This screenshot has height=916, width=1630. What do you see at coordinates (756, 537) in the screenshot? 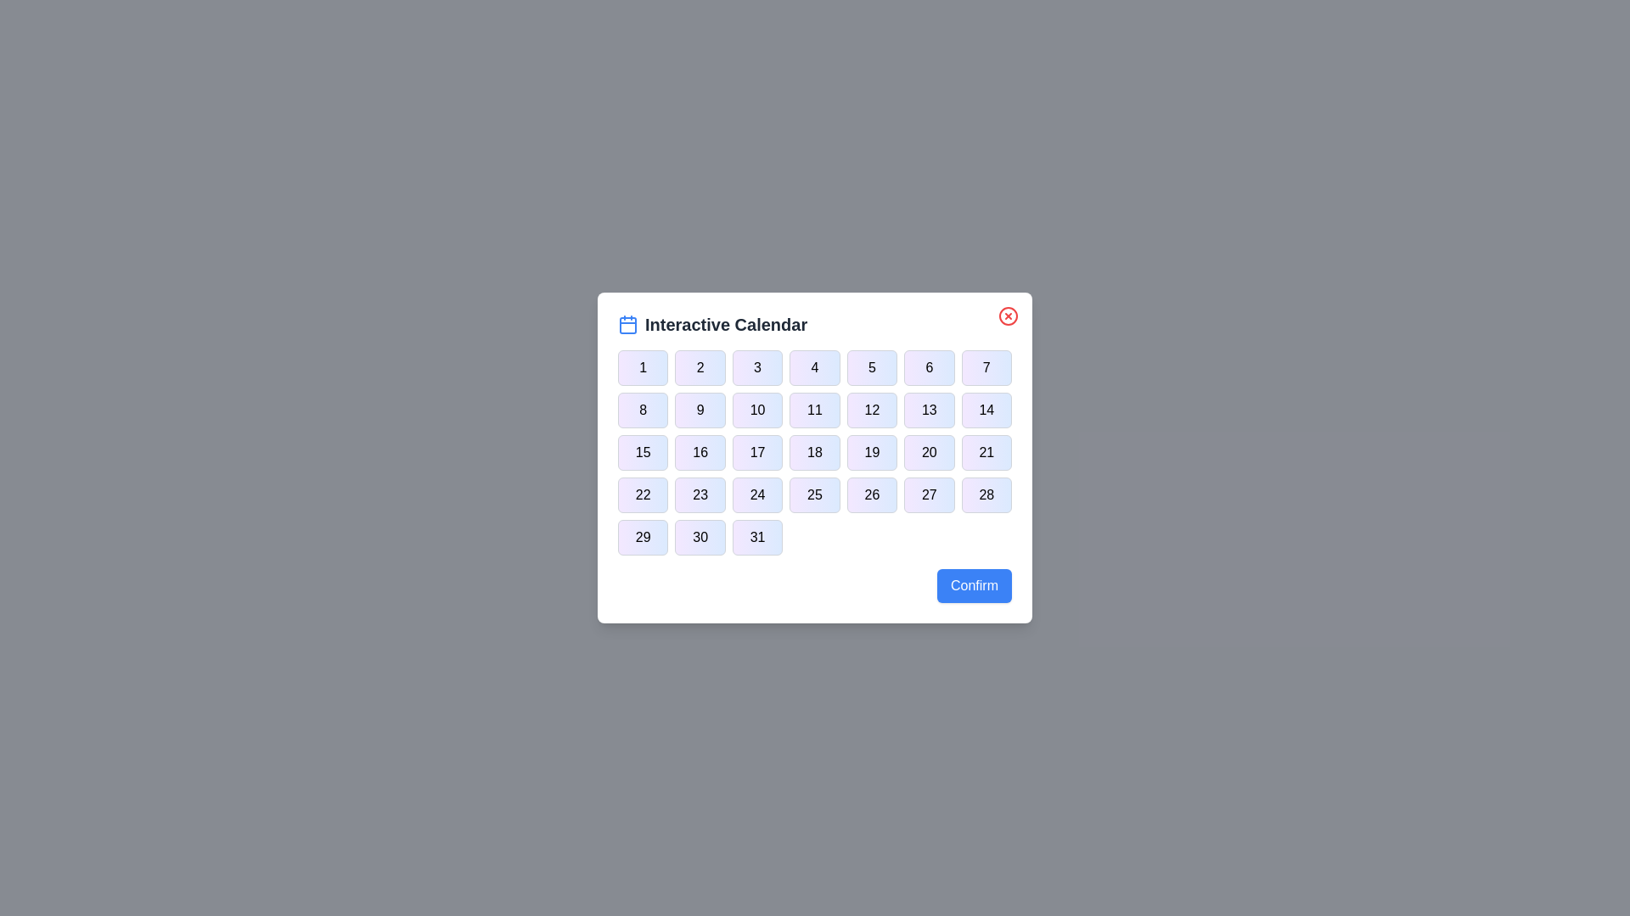
I see `the button corresponding to day 31 in the calendar` at bounding box center [756, 537].